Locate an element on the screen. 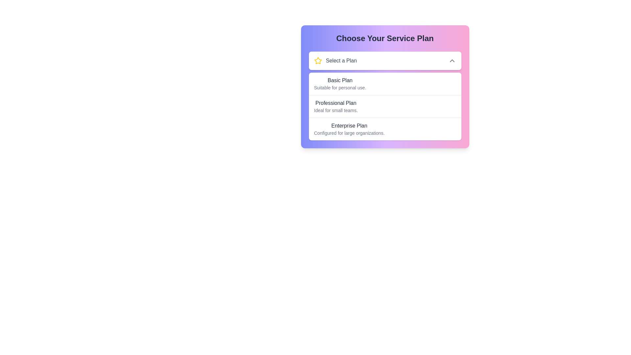  the star-shaped icon with a yellow outline located within the 'Select a Plan' dropdown is located at coordinates (318, 60).